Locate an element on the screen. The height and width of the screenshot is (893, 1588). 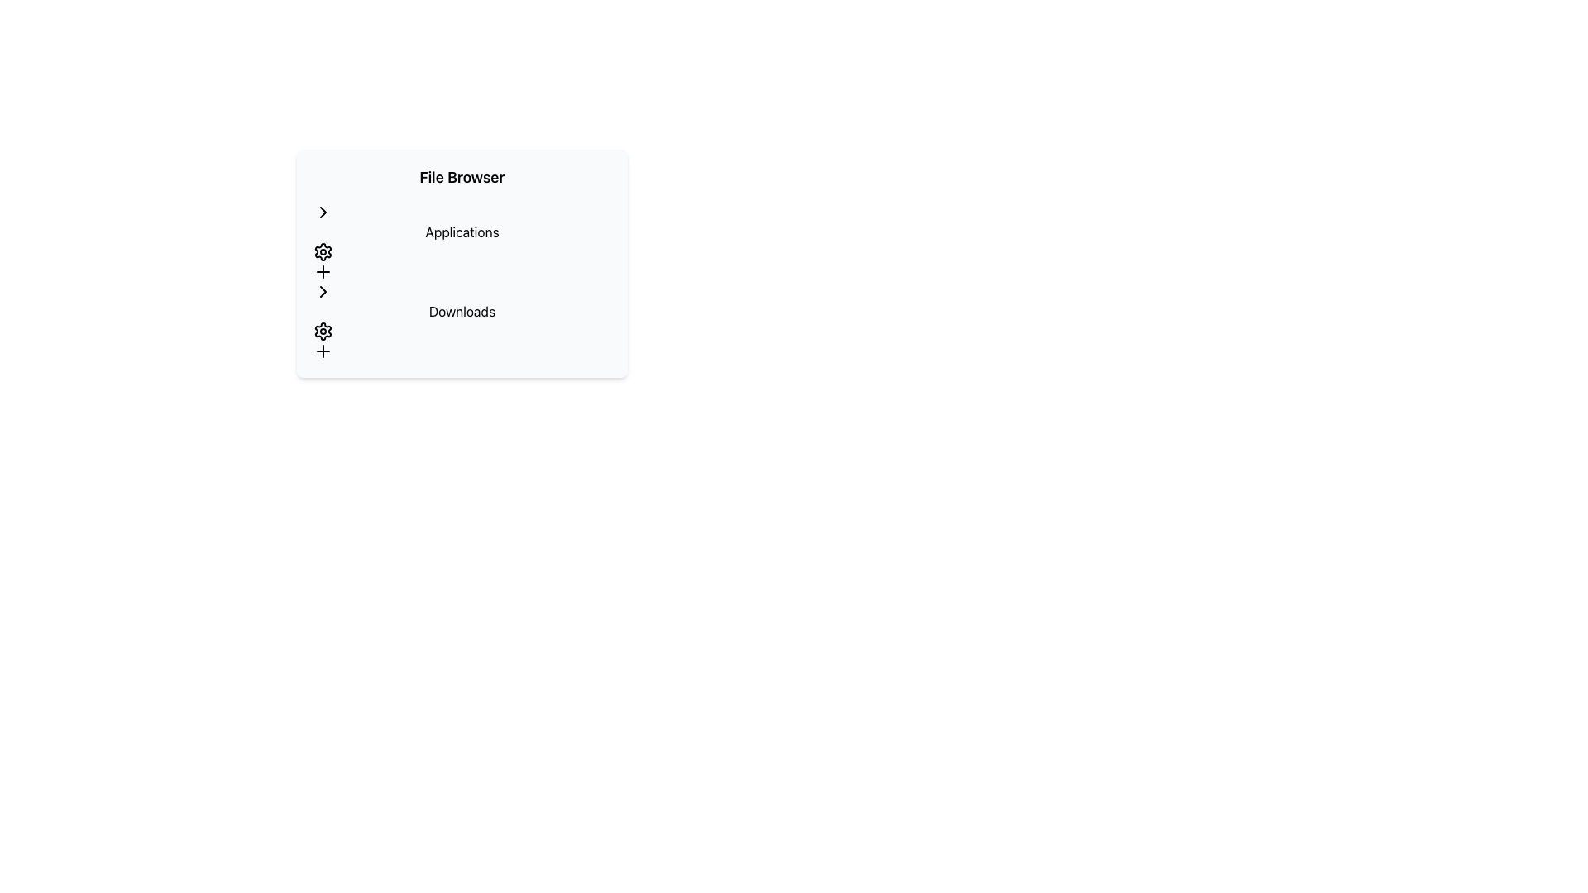
the second chevron icon adjacent to the 'Downloads' label in the 'File Browser' menu is located at coordinates (323, 291).